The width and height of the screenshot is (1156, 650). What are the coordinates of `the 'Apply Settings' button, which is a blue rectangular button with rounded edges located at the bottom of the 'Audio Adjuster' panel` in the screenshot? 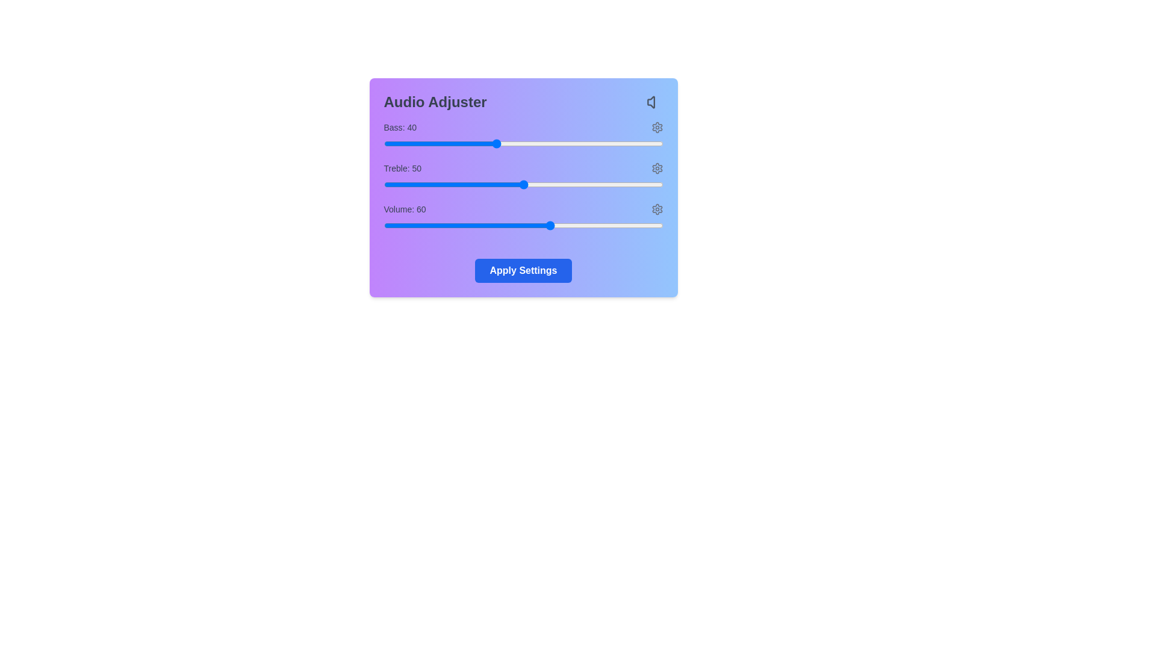 It's located at (523, 271).